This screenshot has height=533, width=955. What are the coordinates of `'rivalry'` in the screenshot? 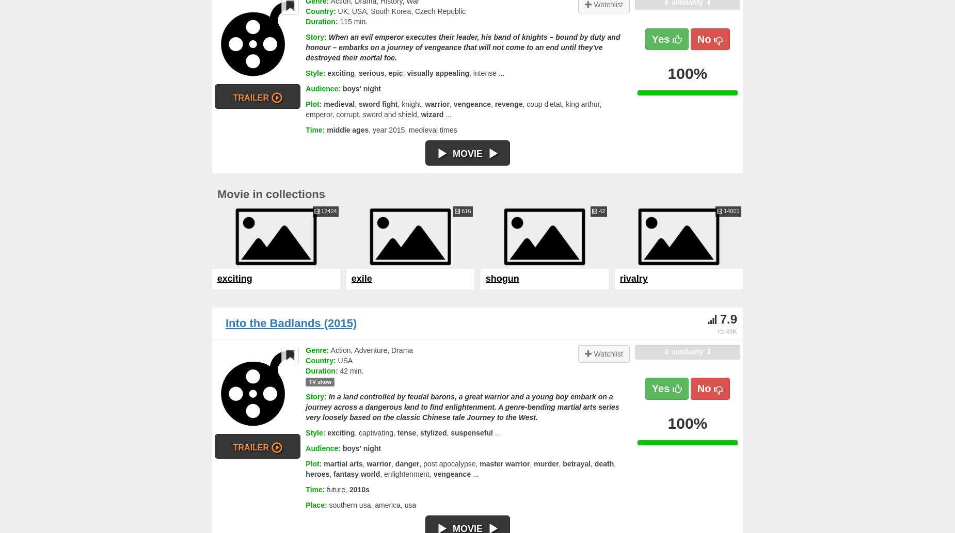 It's located at (632, 278).